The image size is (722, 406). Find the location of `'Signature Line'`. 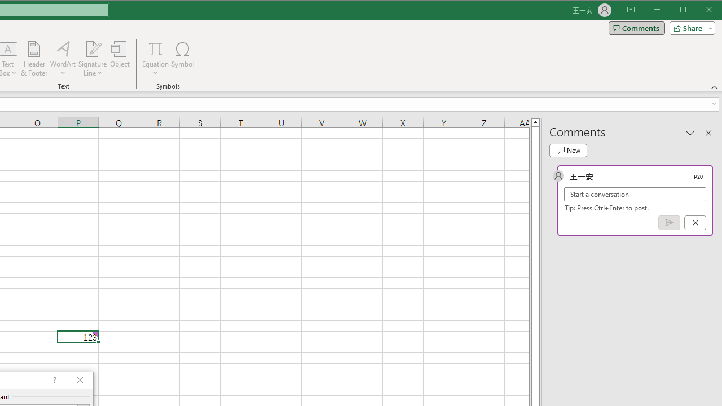

'Signature Line' is located at coordinates (93, 48).